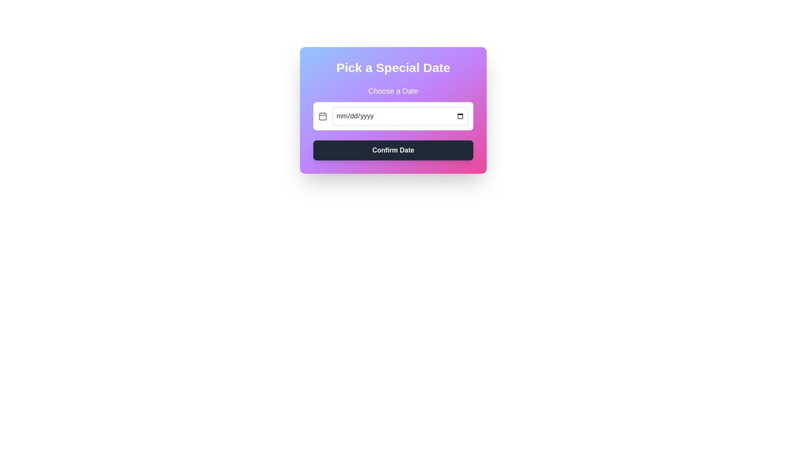 This screenshot has width=800, height=450. What do you see at coordinates (393, 91) in the screenshot?
I see `the text label that displays 'Choose a Date', which is prominently located below the header 'Pick a Special Date' and above the date input field` at bounding box center [393, 91].